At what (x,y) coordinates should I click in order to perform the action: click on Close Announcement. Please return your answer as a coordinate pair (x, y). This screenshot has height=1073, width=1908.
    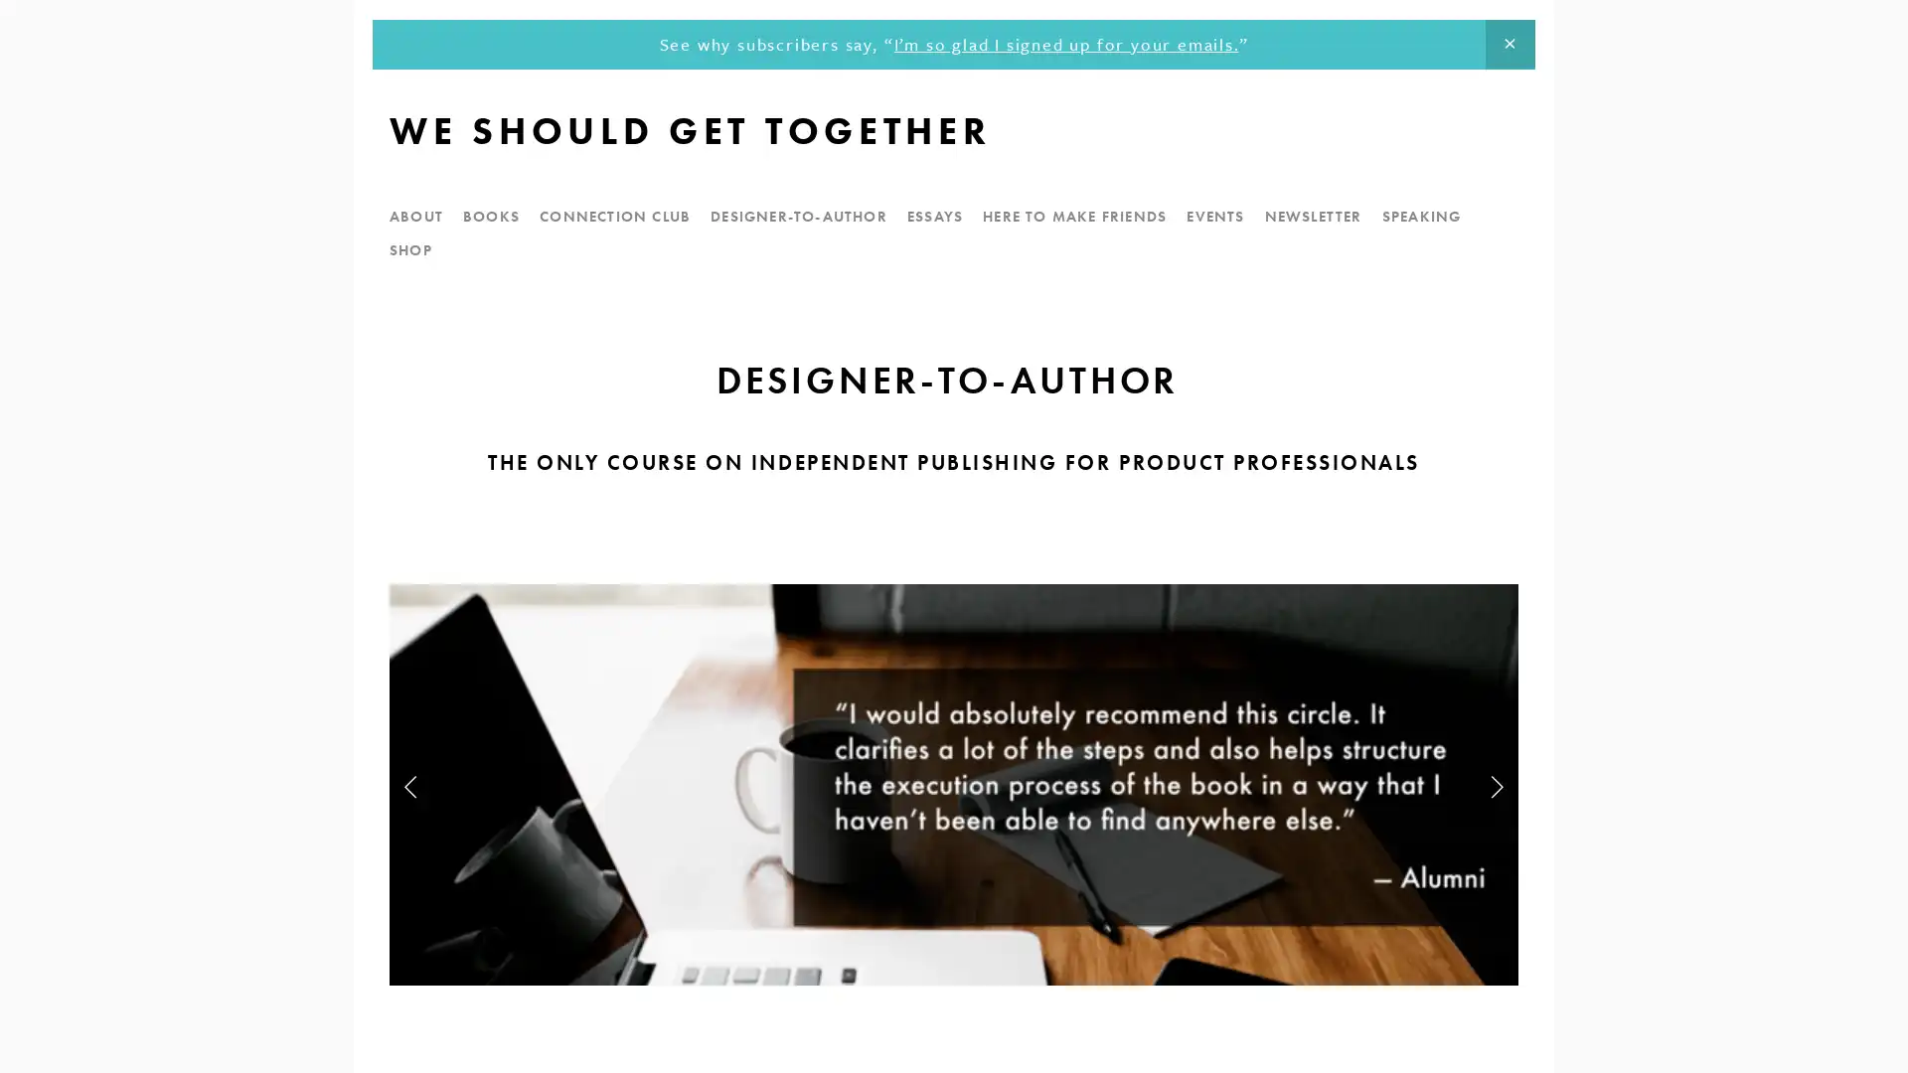
    Looking at the image, I should click on (1510, 45).